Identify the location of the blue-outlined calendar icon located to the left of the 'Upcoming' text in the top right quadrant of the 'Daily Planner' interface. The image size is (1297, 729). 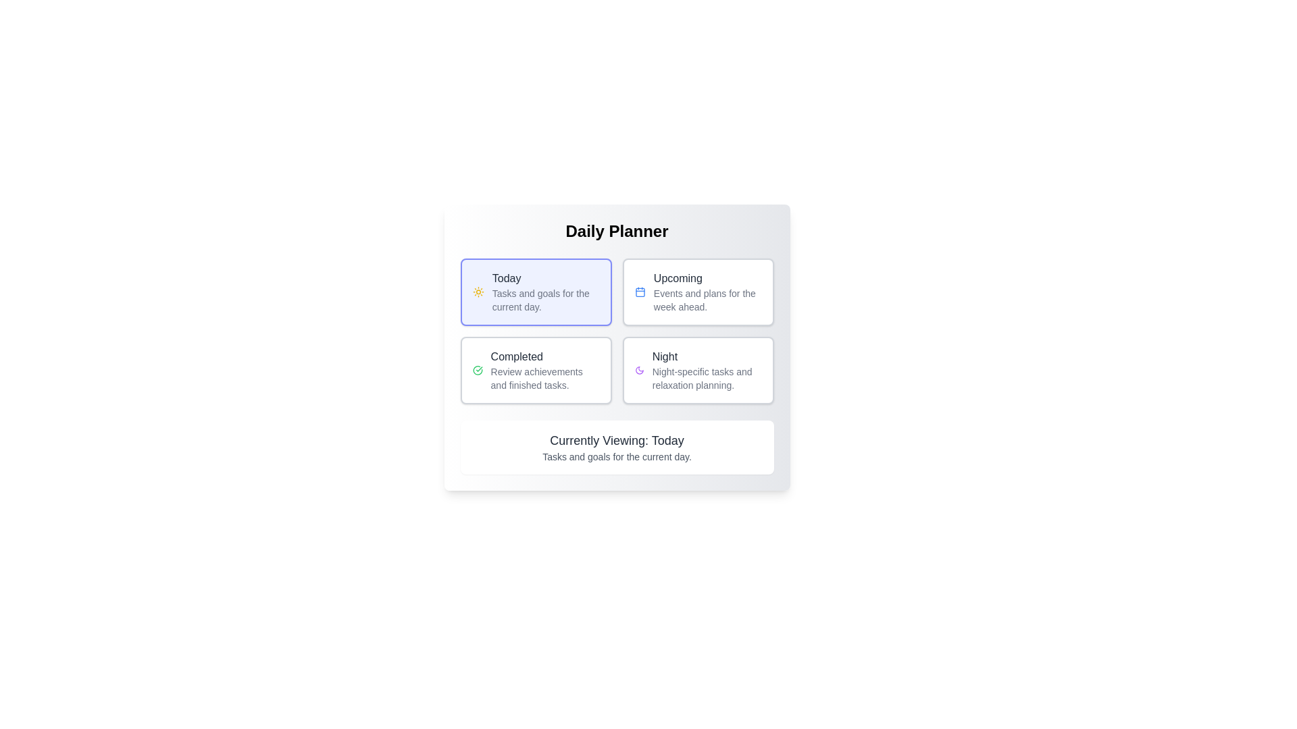
(639, 291).